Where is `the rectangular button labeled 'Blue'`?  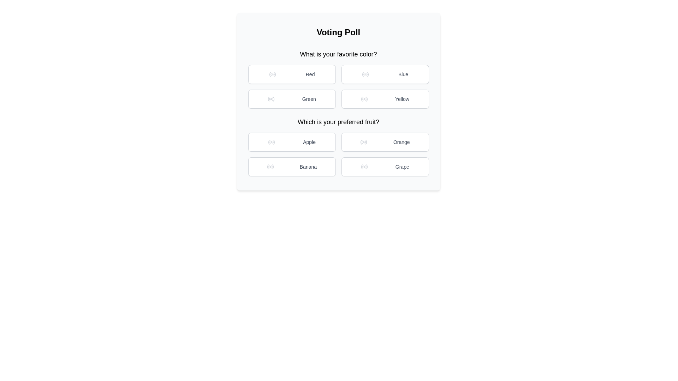 the rectangular button labeled 'Blue' is located at coordinates (385, 74).